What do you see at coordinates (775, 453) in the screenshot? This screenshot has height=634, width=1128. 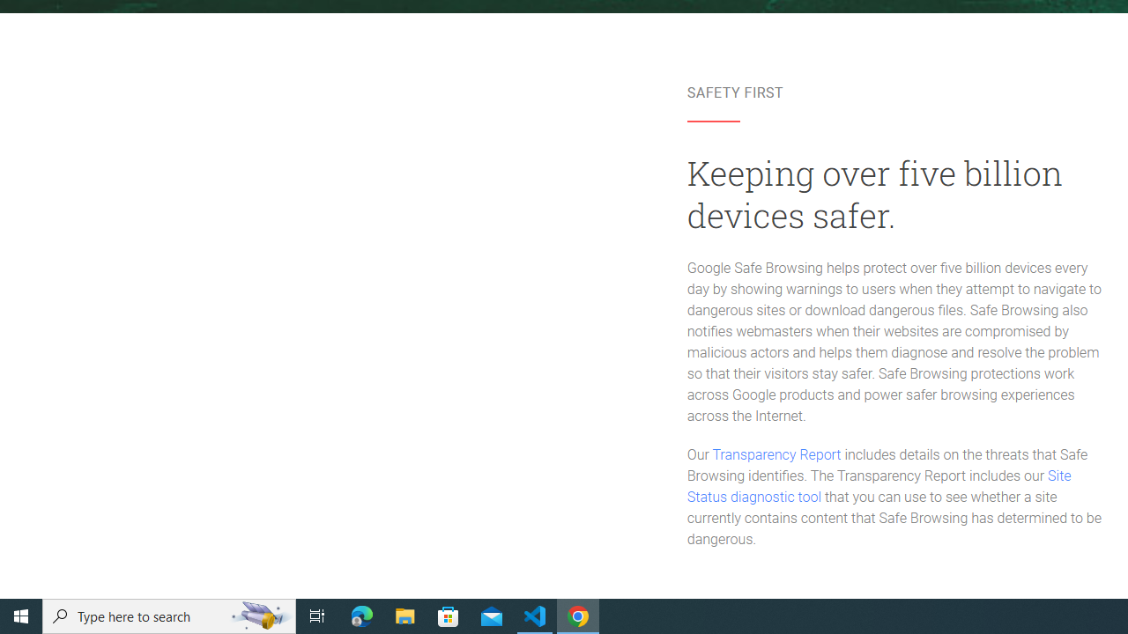 I see `'Transparency Report'` at bounding box center [775, 453].